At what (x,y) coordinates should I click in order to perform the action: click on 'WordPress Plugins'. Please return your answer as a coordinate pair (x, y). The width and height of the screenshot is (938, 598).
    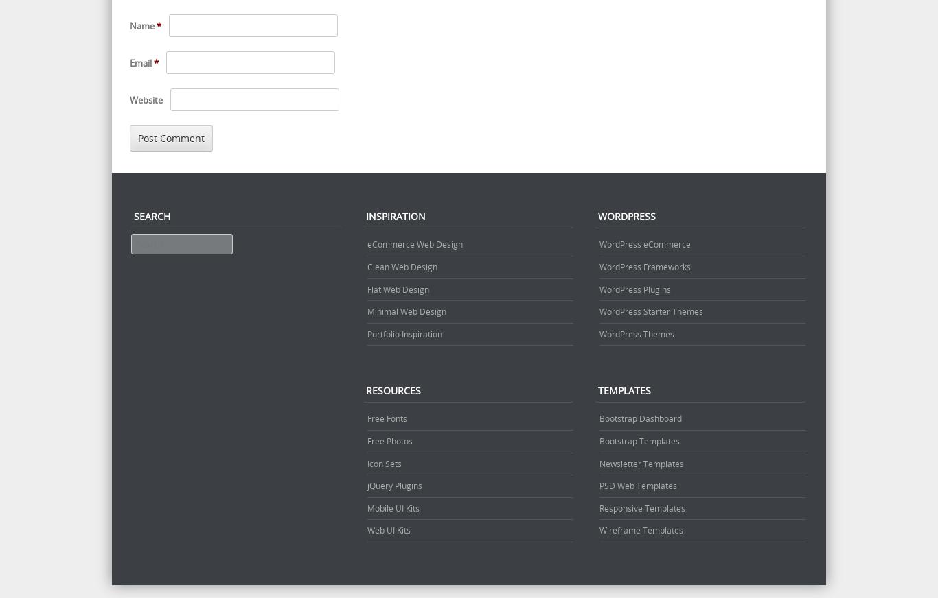
    Looking at the image, I should click on (599, 289).